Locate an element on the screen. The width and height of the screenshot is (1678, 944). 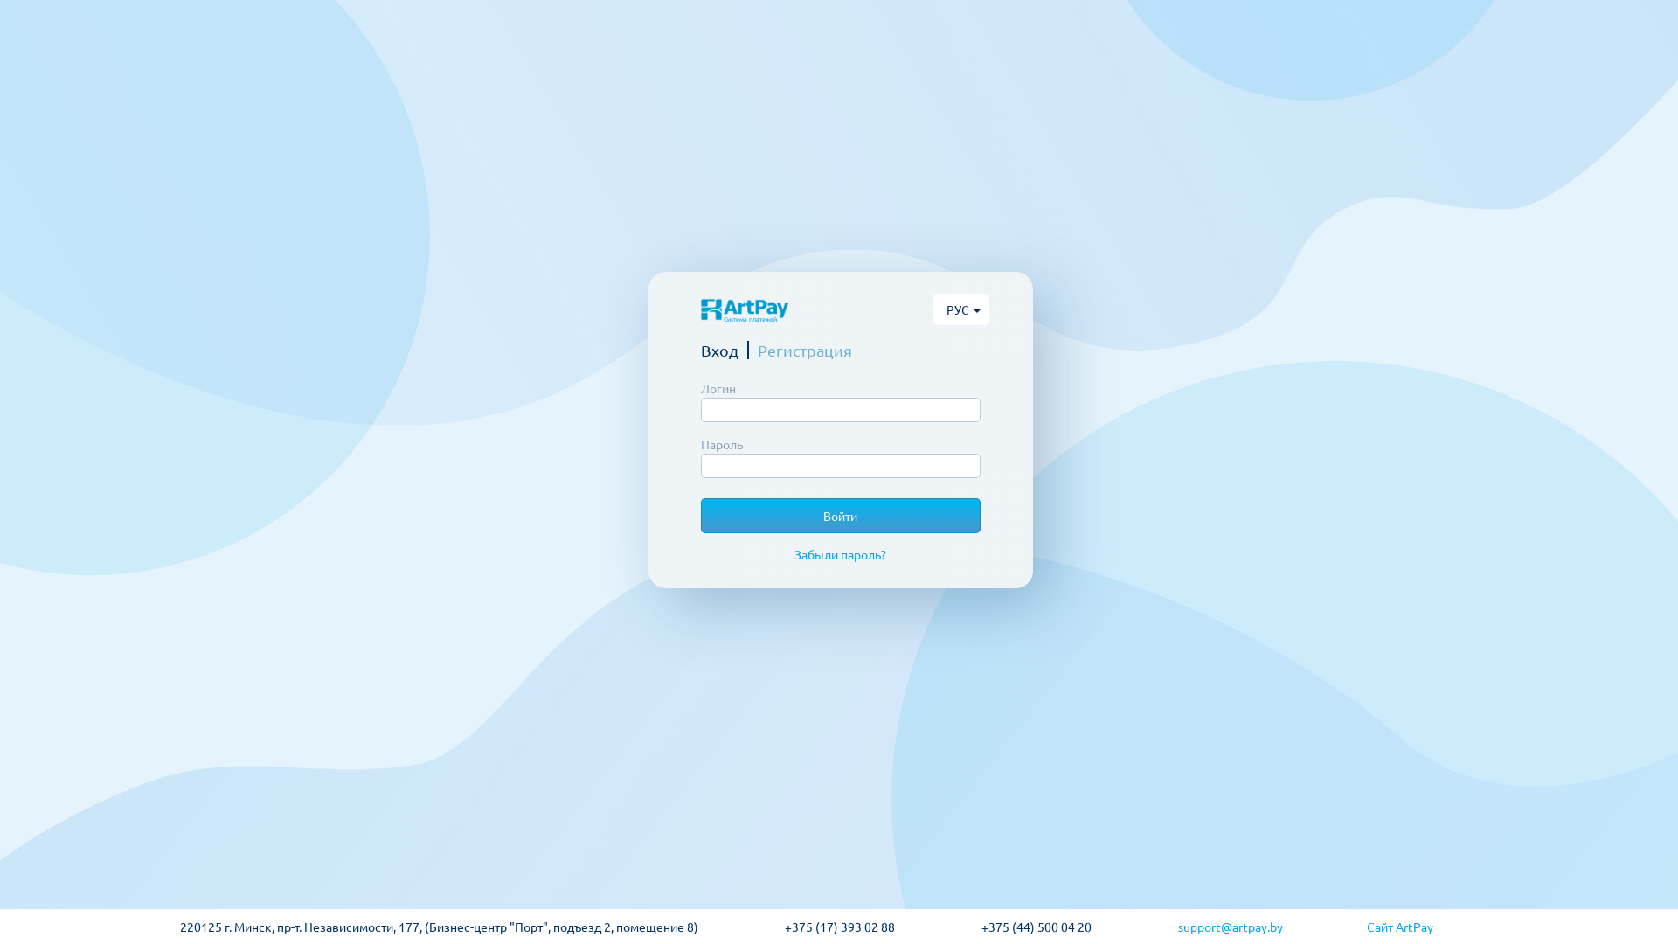
'support@artpay.by' is located at coordinates (1178, 926).